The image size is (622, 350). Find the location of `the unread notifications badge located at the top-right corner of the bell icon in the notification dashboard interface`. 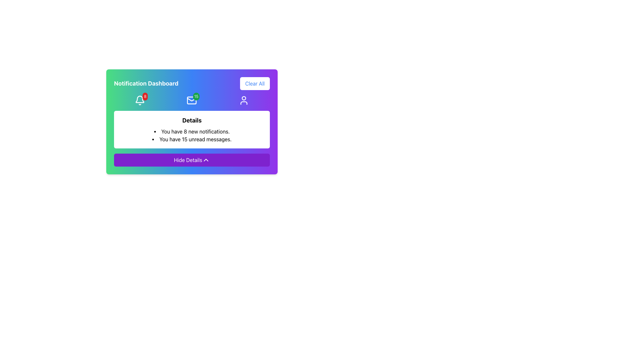

the unread notifications badge located at the top-right corner of the bell icon in the notification dashboard interface is located at coordinates (145, 96).